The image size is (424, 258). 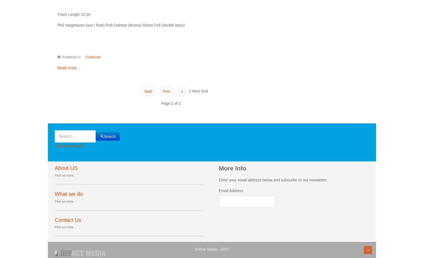 I want to click on 'Next', so click(x=196, y=91).